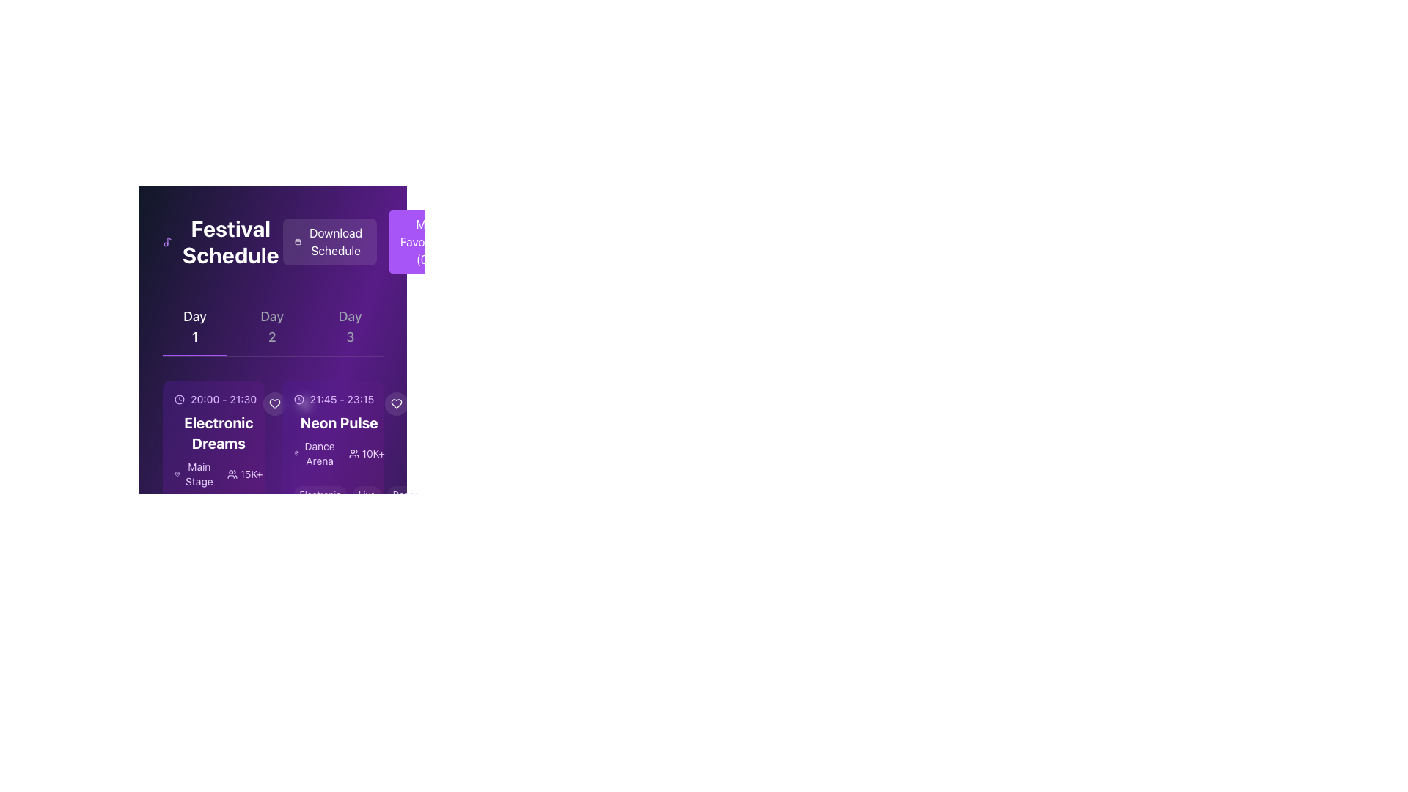  Describe the element at coordinates (272, 326) in the screenshot. I see `the 'Day 2' tab` at that location.